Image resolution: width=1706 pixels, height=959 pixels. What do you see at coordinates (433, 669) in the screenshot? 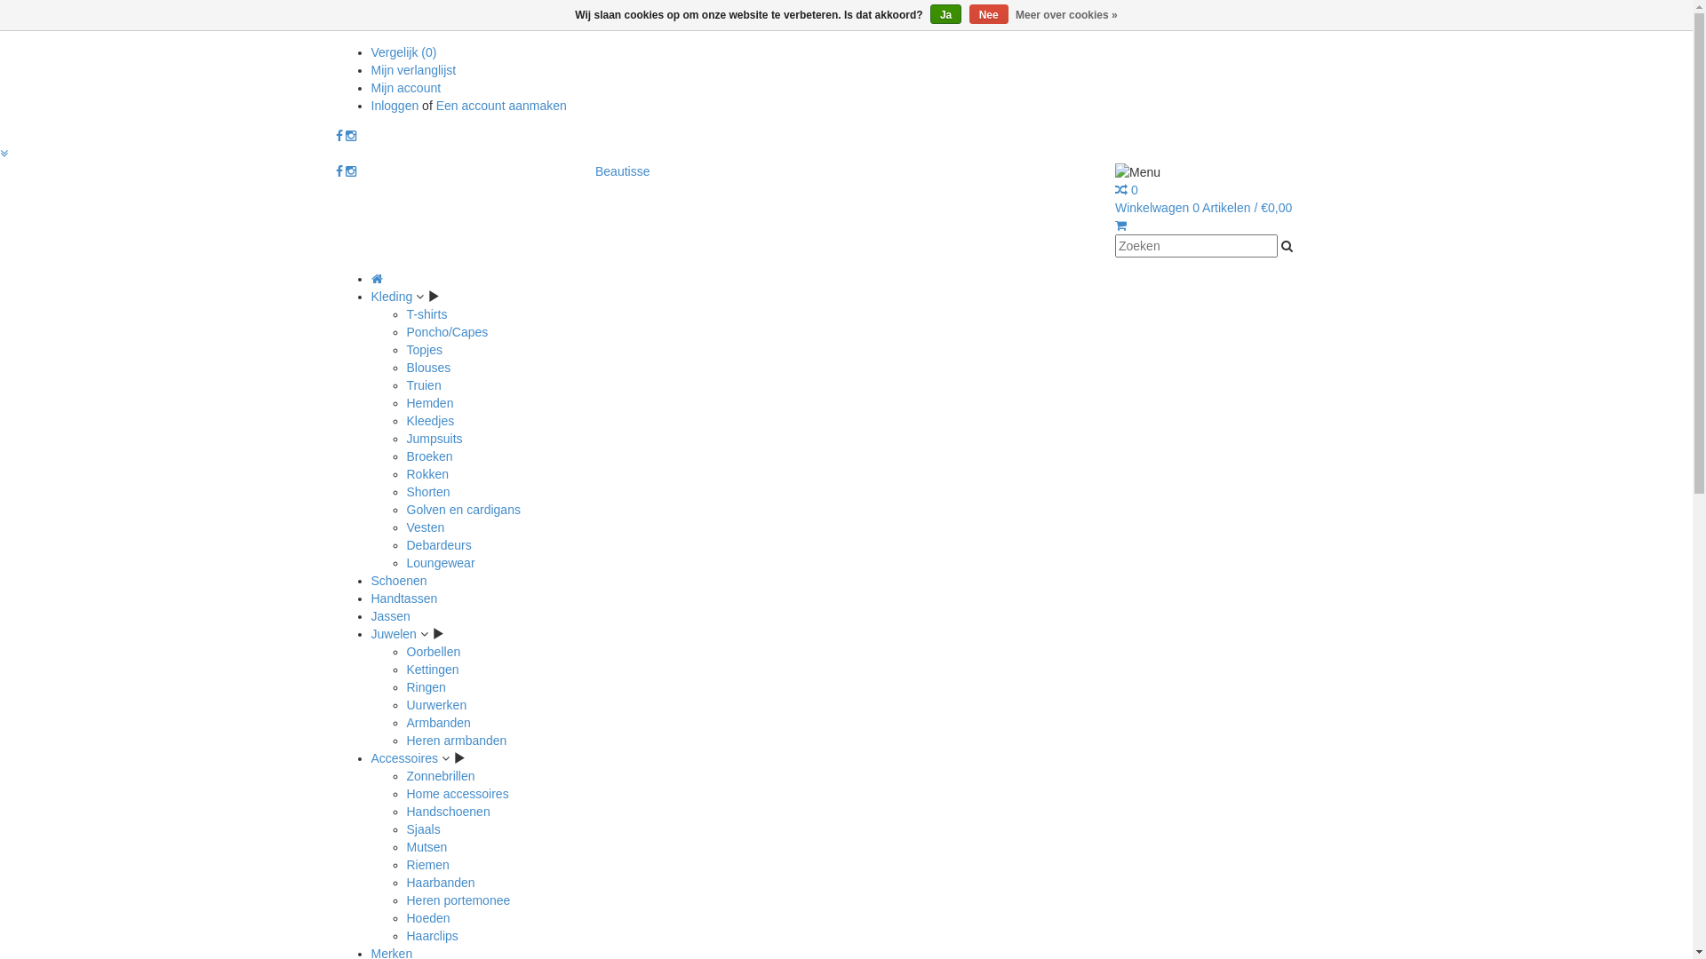
I see `'Kettingen'` at bounding box center [433, 669].